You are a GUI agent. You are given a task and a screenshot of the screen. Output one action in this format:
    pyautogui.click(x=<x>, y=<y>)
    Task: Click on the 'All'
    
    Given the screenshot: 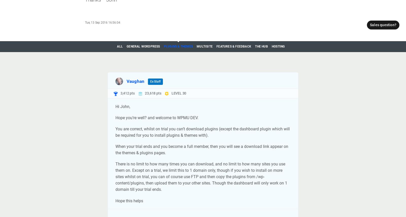 What is the action you would take?
    pyautogui.click(x=116, y=46)
    